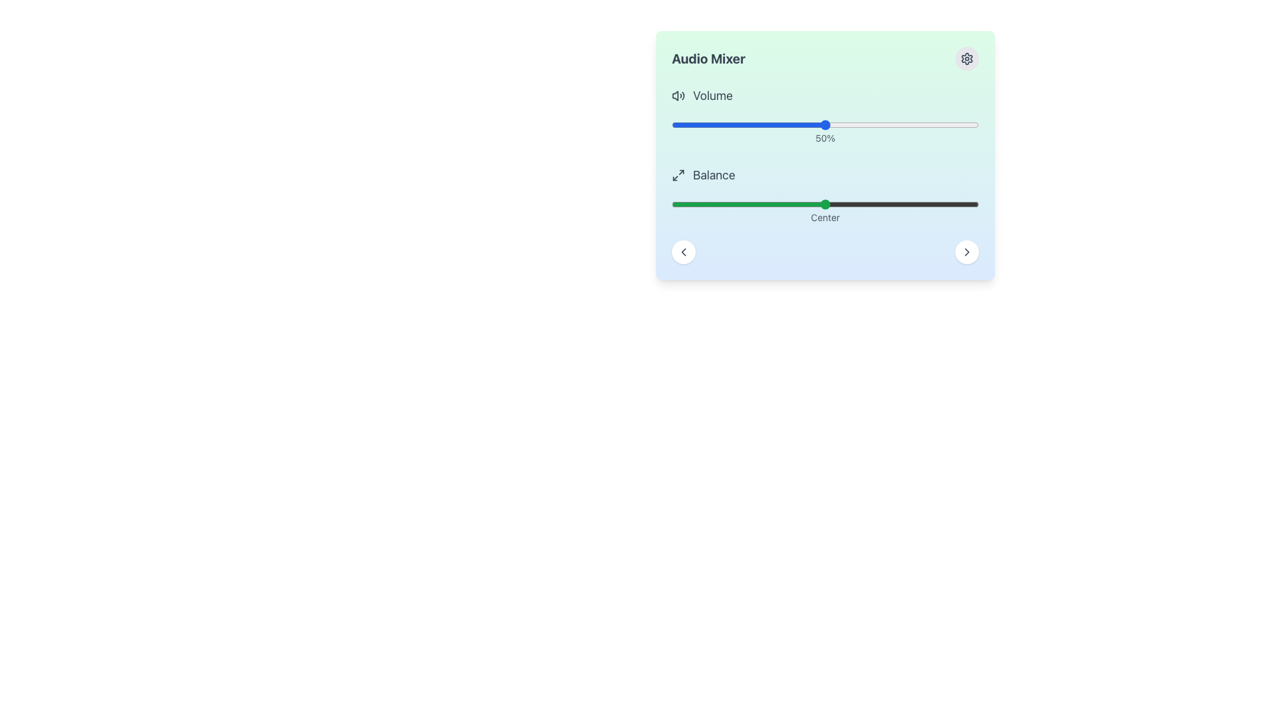 Image resolution: width=1271 pixels, height=715 pixels. I want to click on balance, so click(742, 204).